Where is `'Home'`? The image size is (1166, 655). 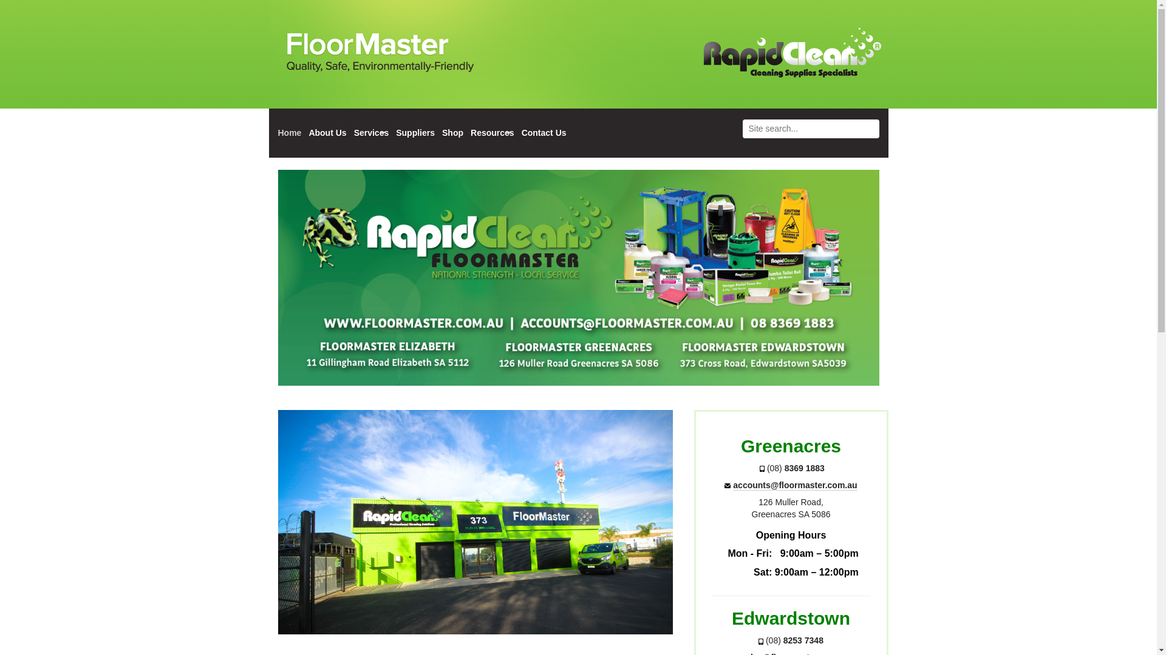
'Home' is located at coordinates (289, 133).